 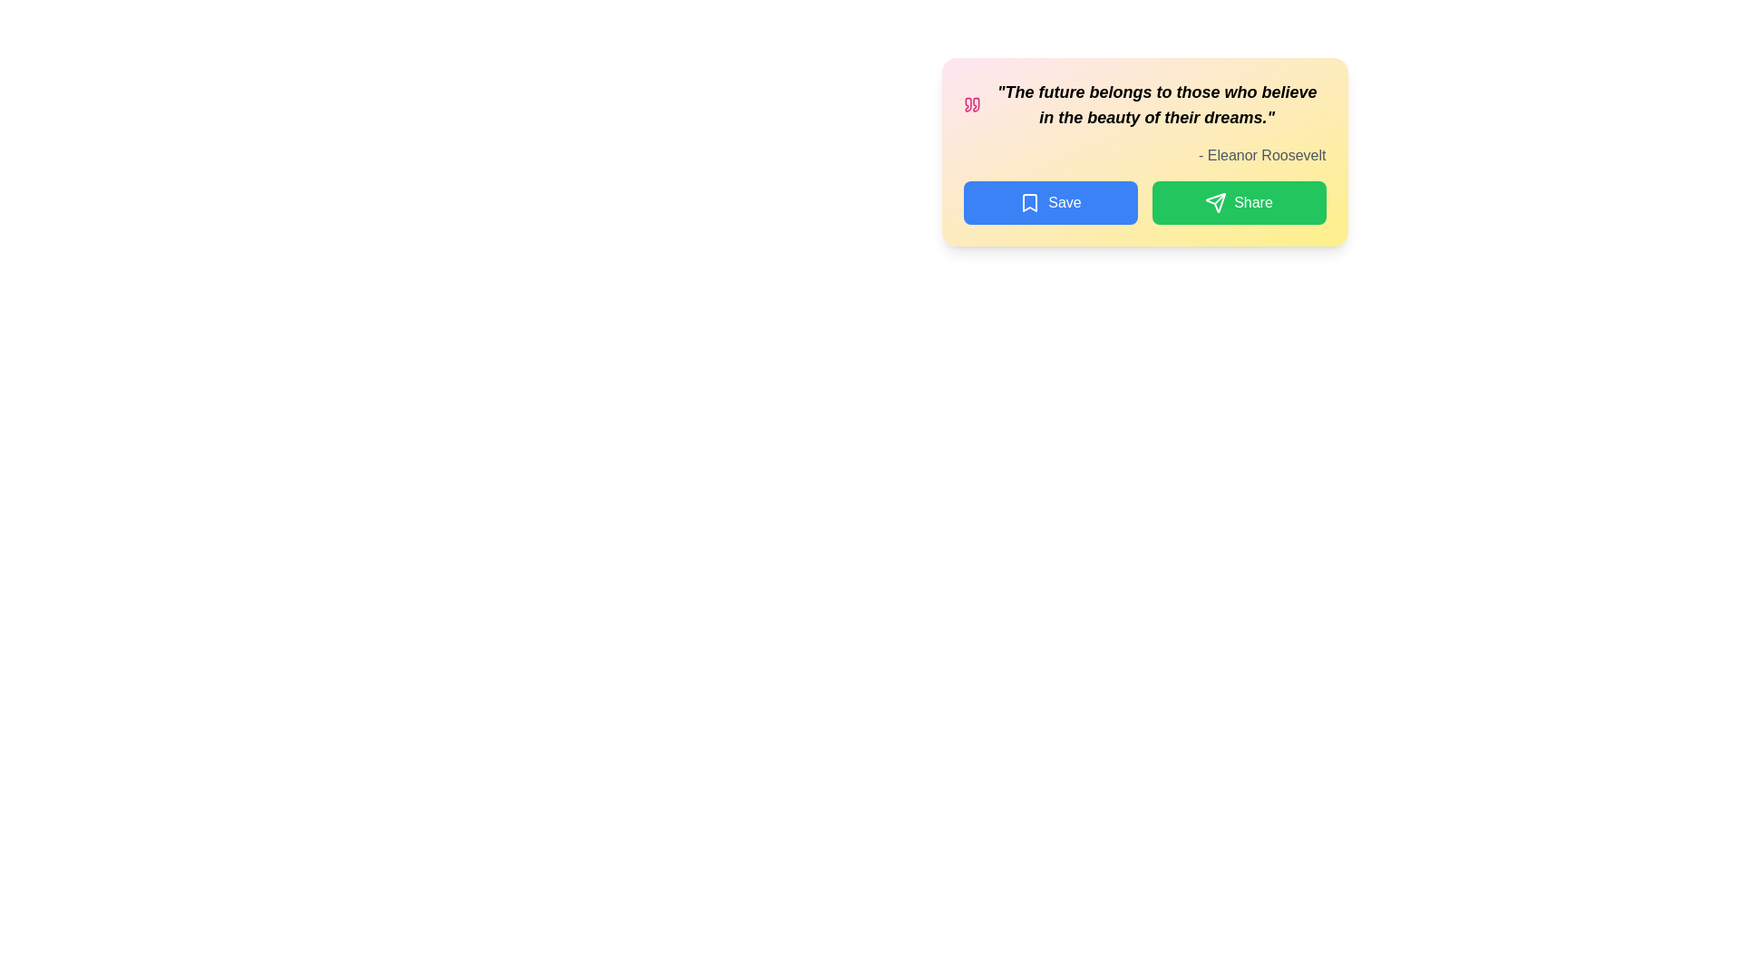 I want to click on the bookmark icon located inside the 'Save' button, which is the second button from the left in the horizontal button group within the card, so click(x=1030, y=202).